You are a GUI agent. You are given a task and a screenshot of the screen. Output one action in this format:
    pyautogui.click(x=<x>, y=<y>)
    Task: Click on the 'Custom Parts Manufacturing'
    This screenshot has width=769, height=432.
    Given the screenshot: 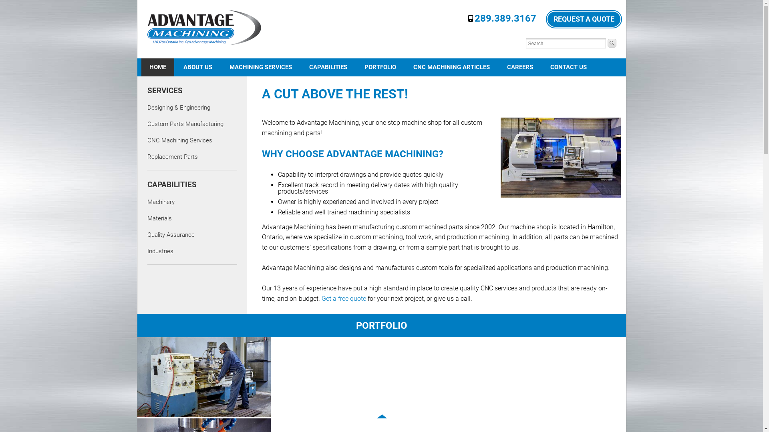 What is the action you would take?
    pyautogui.click(x=185, y=124)
    